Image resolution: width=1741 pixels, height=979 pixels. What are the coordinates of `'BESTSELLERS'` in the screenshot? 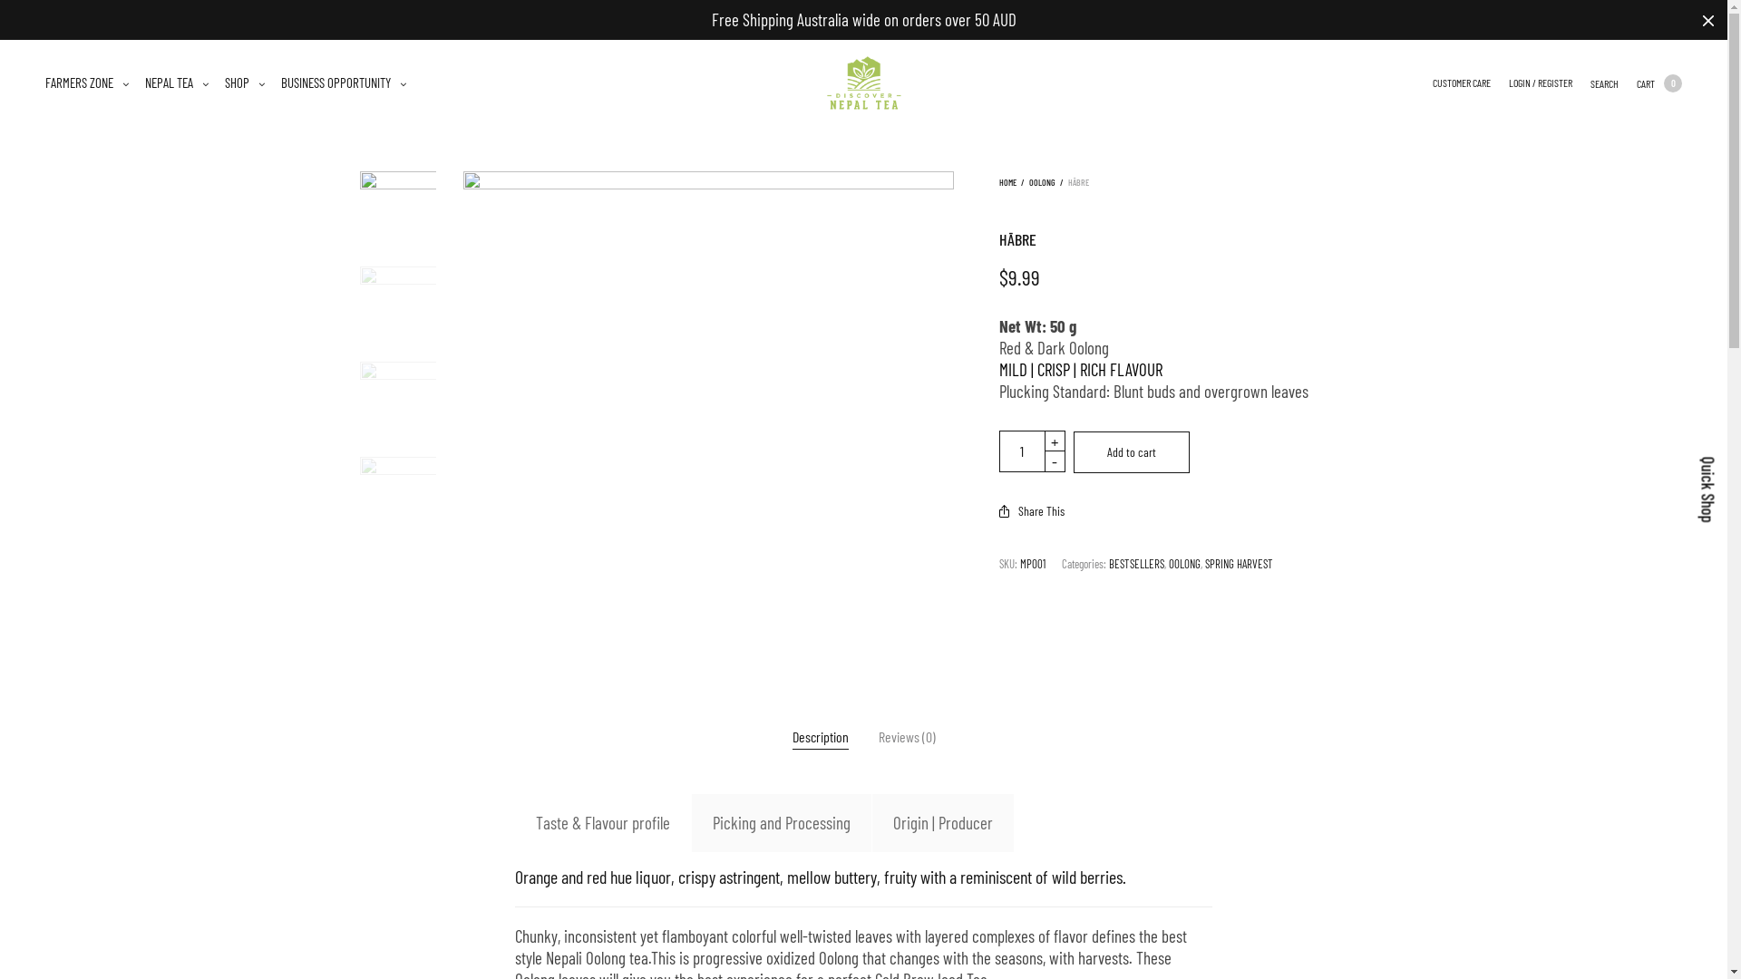 It's located at (1135, 562).